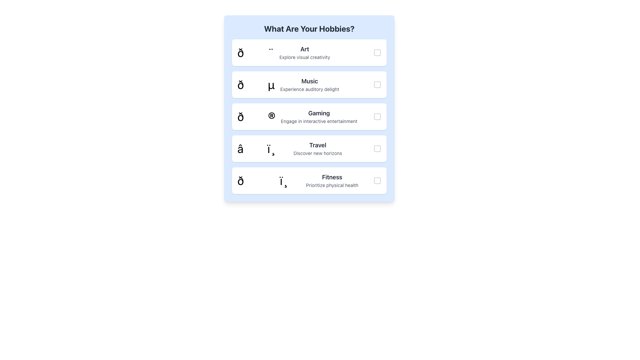  What do you see at coordinates (377, 84) in the screenshot?
I see `the checkbox for the 'Music' hobby to explore context menu options` at bounding box center [377, 84].